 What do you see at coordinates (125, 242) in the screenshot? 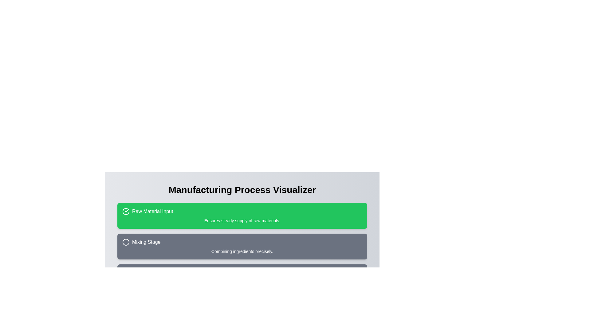
I see `the circular icon located within the 'Mixing Stage' area, which has a diameter of 20 pixels and is positioned directly to the left of the text label 'Mixing Stage'` at bounding box center [125, 242].